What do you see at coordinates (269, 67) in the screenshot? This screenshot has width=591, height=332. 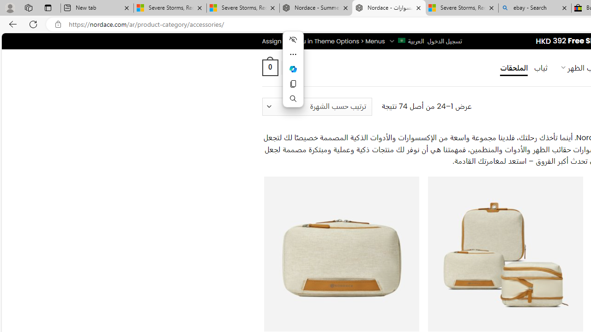 I see `' 0 '` at bounding box center [269, 67].